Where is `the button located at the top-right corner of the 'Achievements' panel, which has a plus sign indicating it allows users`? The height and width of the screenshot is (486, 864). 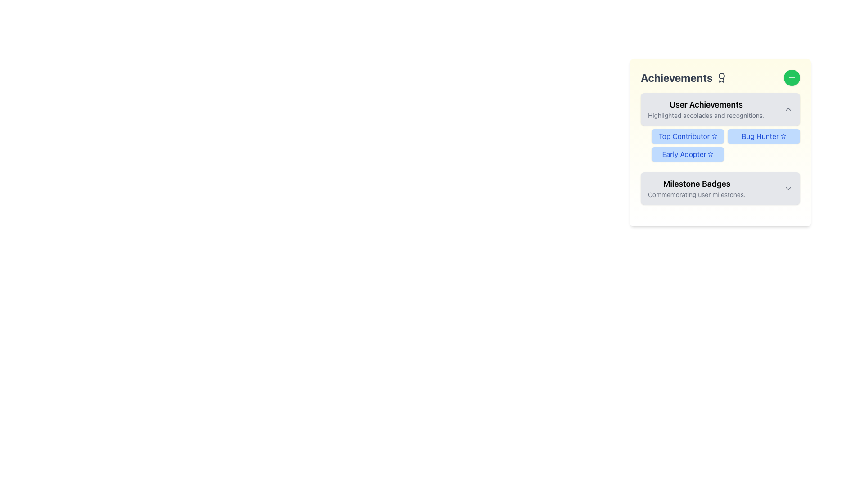
the button located at the top-right corner of the 'Achievements' panel, which has a plus sign indicating it allows users is located at coordinates (792, 77).